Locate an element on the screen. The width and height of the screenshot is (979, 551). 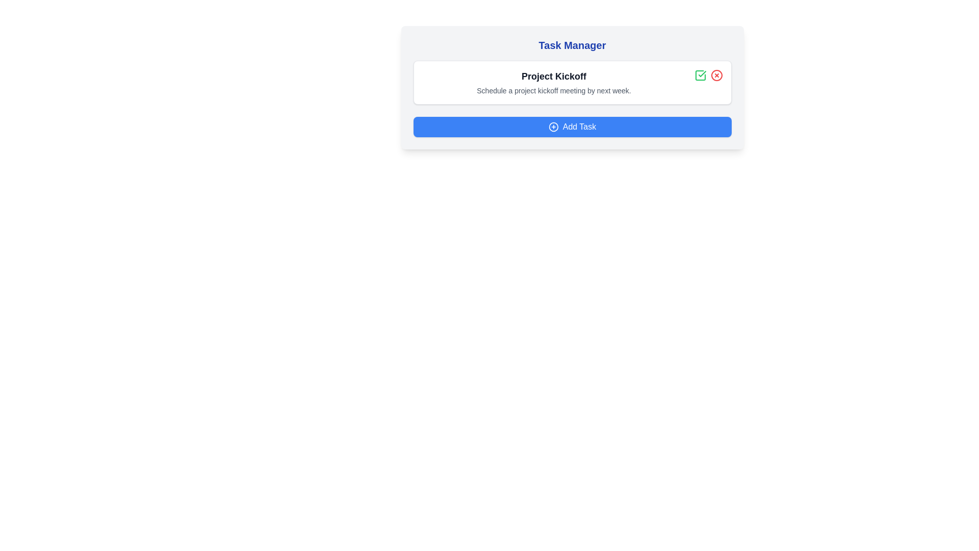
'Add Task' button to add a new task is located at coordinates (572, 127).